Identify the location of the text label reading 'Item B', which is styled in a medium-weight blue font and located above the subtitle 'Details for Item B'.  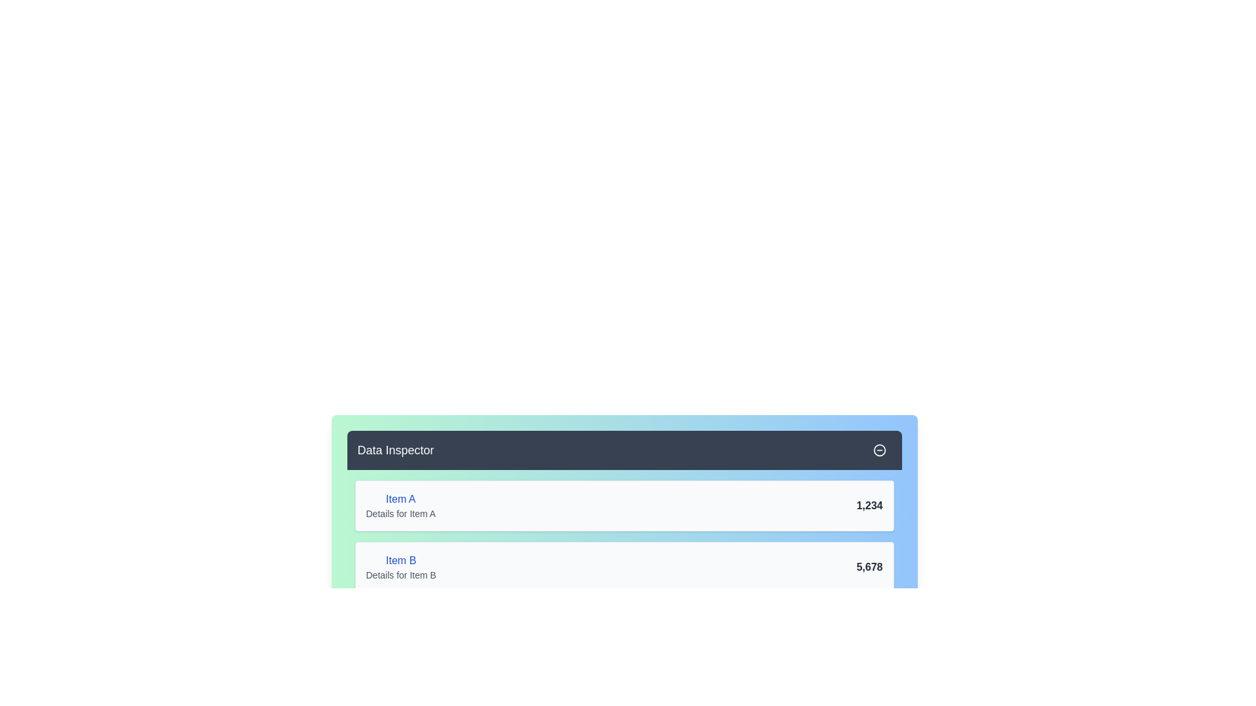
(400, 560).